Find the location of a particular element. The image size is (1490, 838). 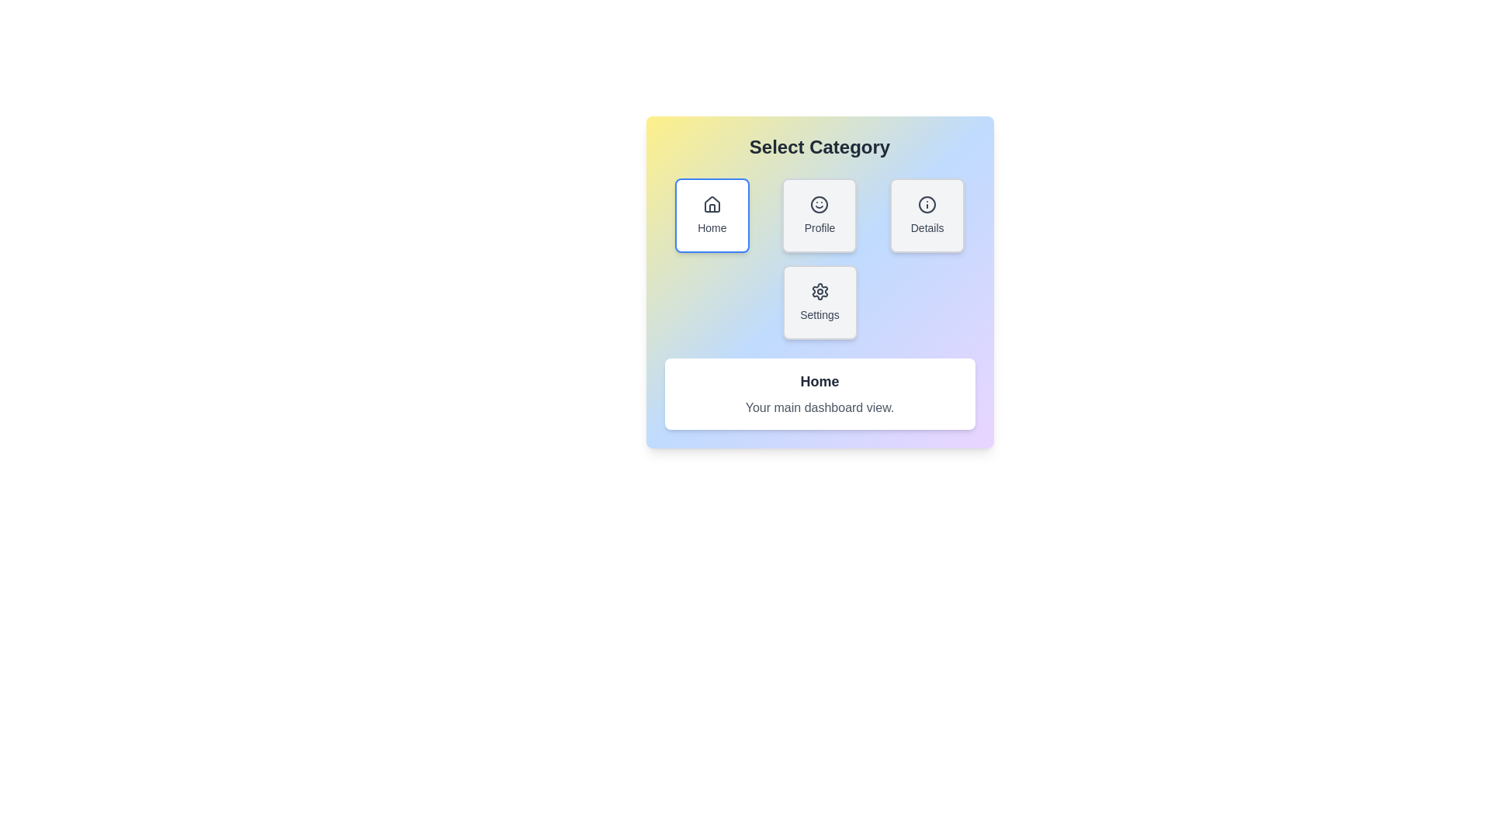

the 'Home' button, which is a rounded rectangle with a white background and blue border, featuring a house icon above the text label 'Home' in gray, to observe a visual scaling effect is located at coordinates (711, 215).